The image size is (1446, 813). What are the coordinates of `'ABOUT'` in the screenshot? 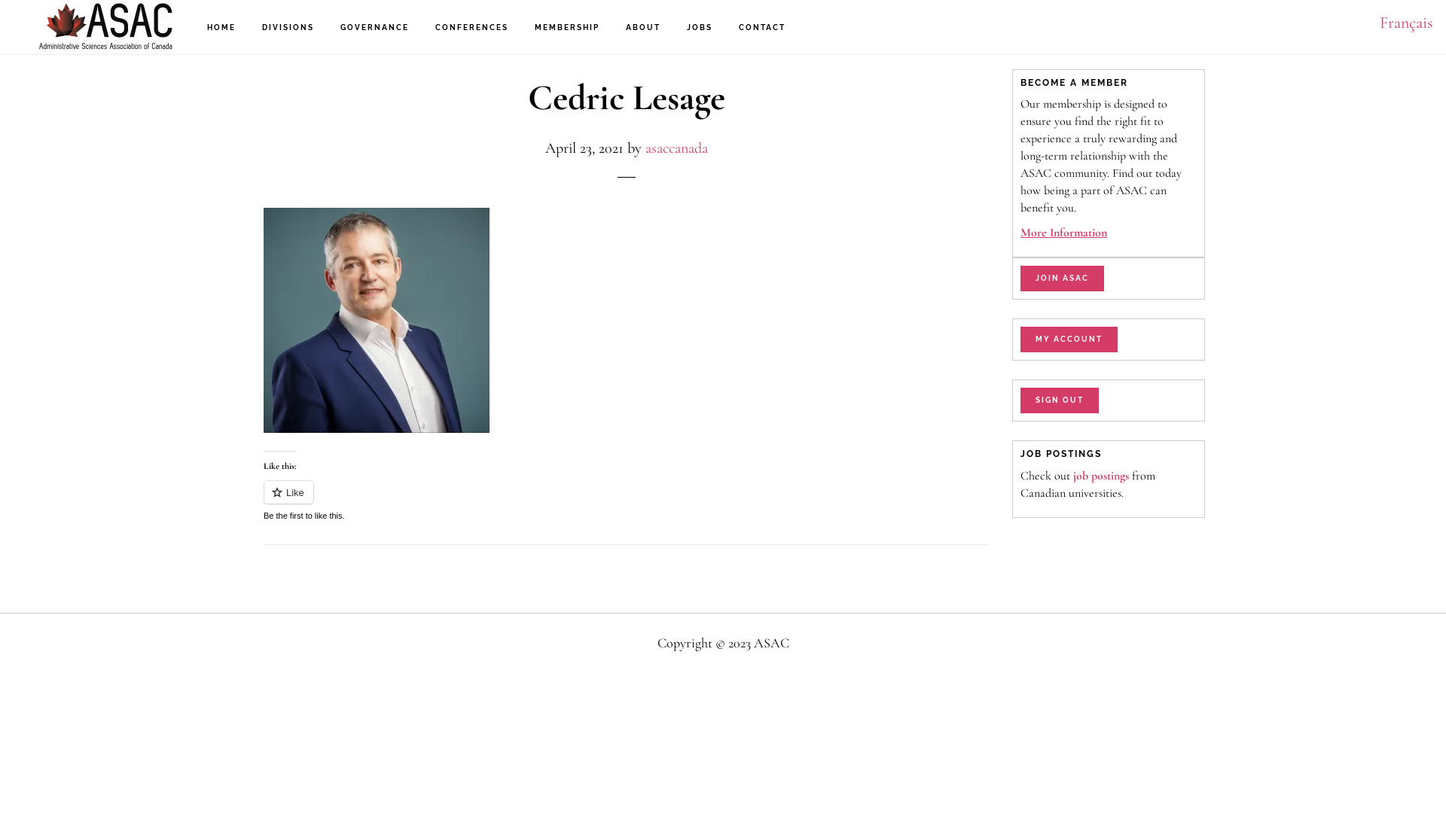 It's located at (643, 28).